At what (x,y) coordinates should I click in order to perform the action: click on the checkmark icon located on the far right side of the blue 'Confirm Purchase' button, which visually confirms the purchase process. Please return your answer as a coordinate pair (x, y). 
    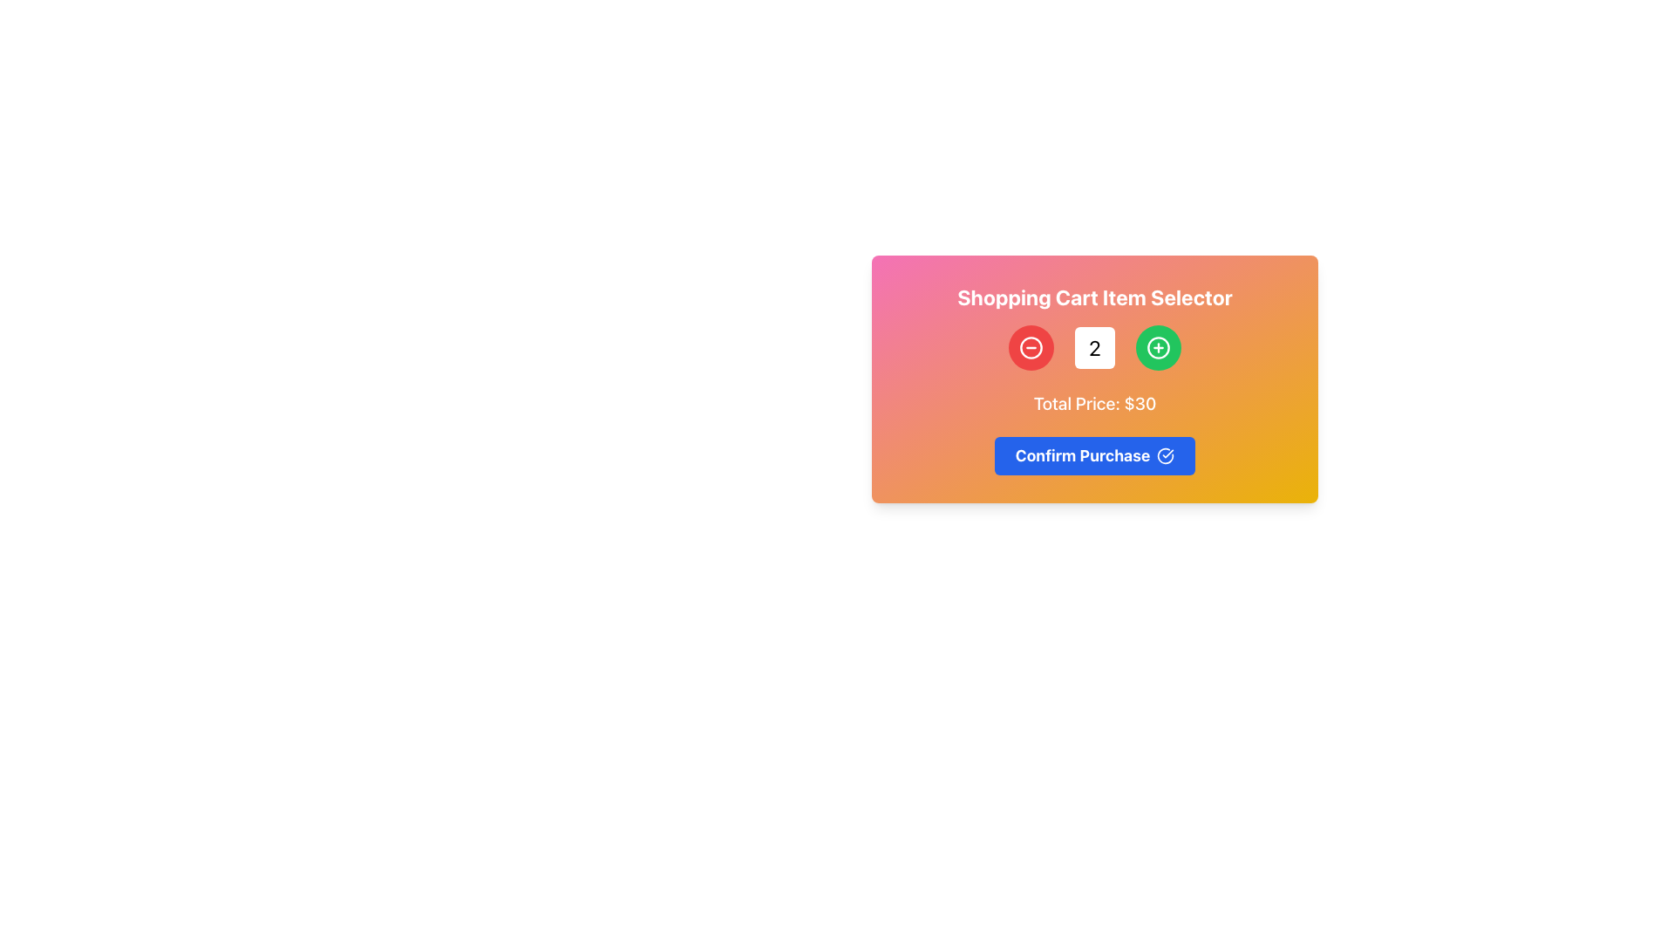
    Looking at the image, I should click on (1166, 455).